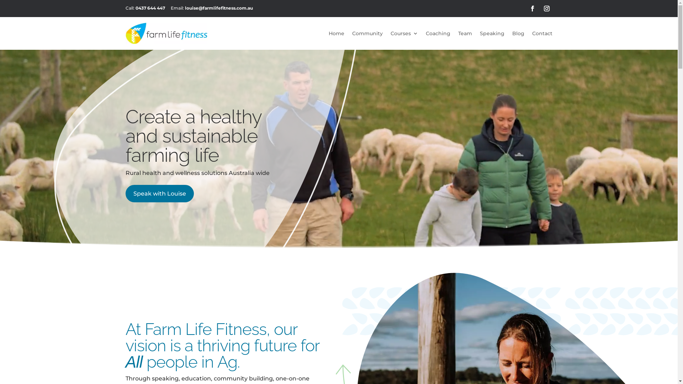 Image resolution: width=683 pixels, height=384 pixels. Describe the element at coordinates (0, 0) in the screenshot. I see `'Skip to content'` at that location.